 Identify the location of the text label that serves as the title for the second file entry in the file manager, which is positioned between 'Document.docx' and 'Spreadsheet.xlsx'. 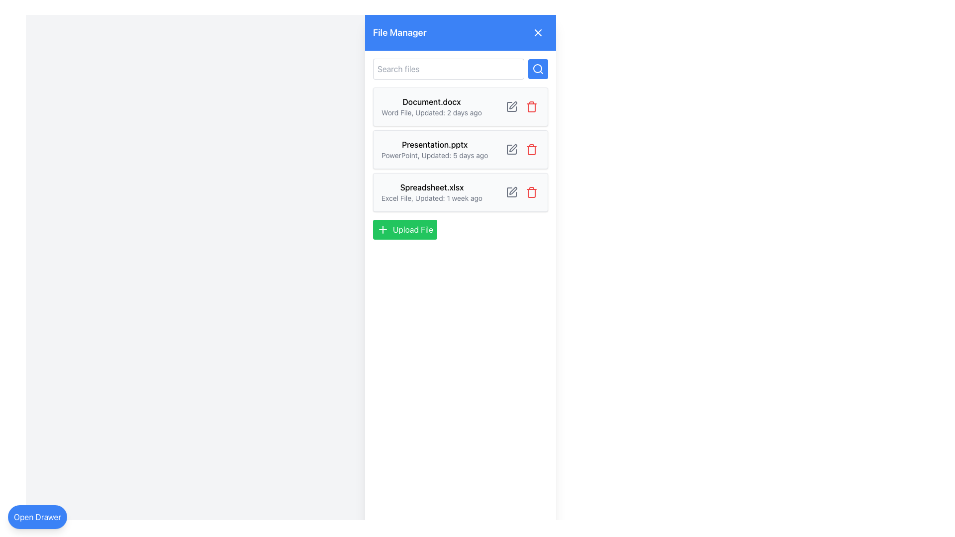
(435, 144).